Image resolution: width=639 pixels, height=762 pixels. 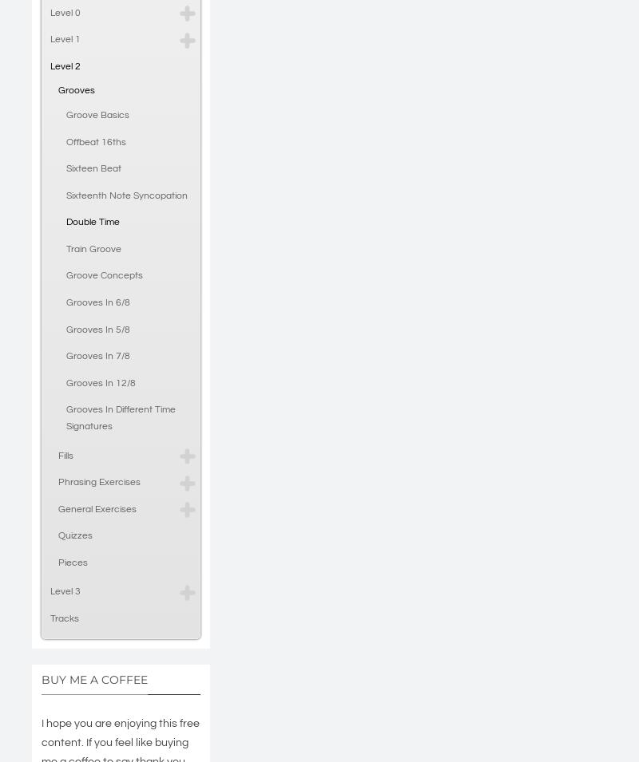 I want to click on 'Train Groove', so click(x=93, y=248).